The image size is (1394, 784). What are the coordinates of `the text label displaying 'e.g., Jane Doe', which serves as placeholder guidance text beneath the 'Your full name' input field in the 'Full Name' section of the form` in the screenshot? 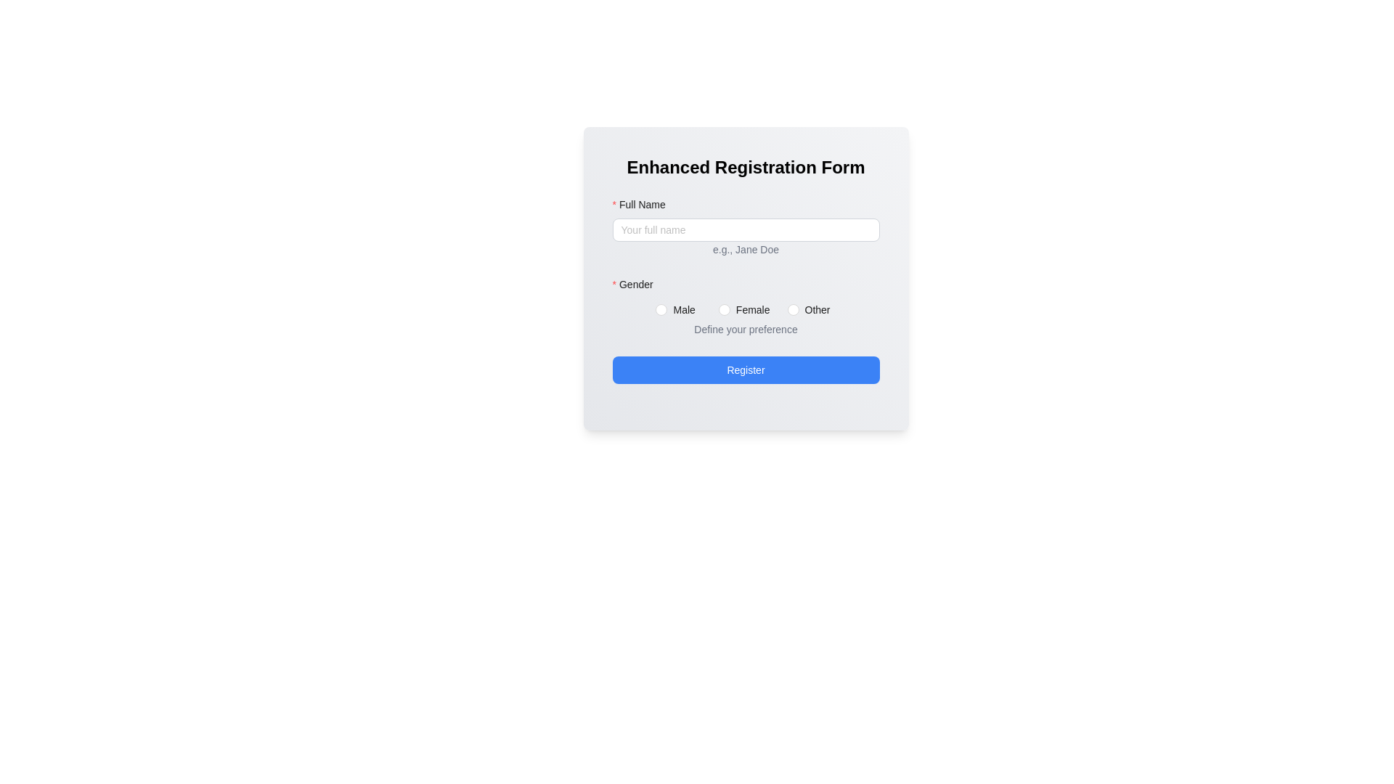 It's located at (746, 249).